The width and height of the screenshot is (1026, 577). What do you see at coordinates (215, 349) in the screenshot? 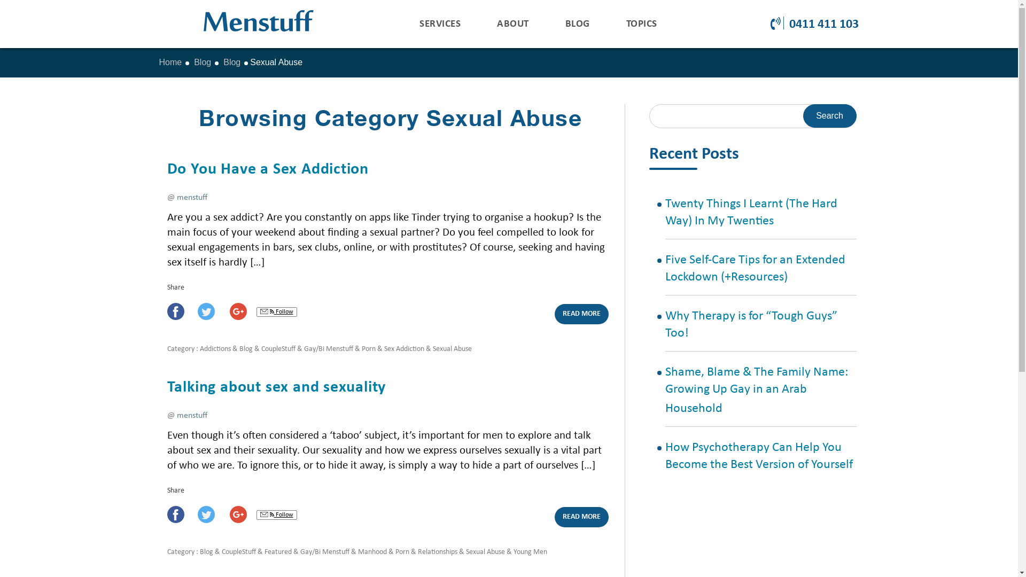
I see `'Addictions'` at bounding box center [215, 349].